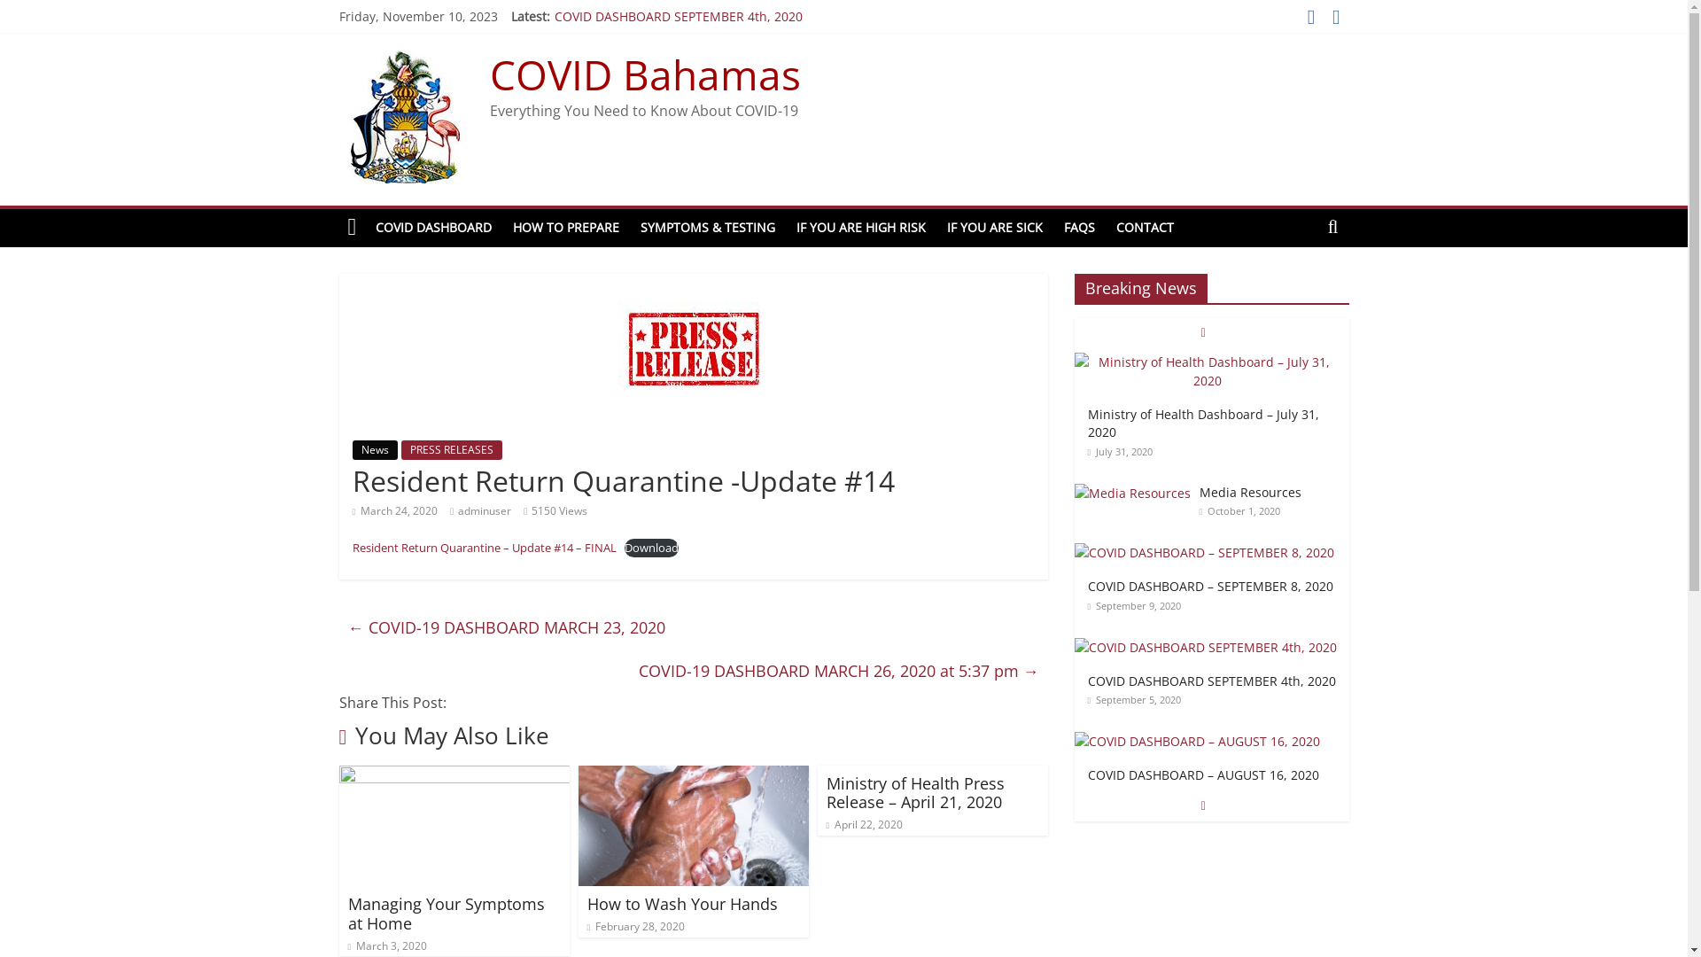 The image size is (1701, 957). I want to click on 'PRESS RELEASES', so click(450, 449).